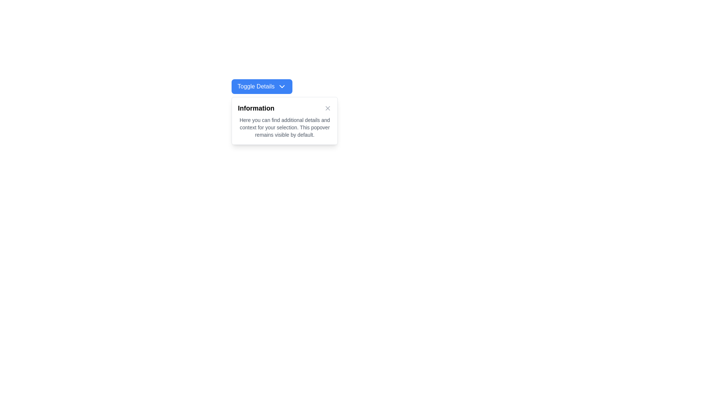 This screenshot has width=708, height=398. I want to click on displayed text from the white popover with rounded corners and a close button in the top-right corner, positioned below the 'Toggle Details' button, so click(284, 120).